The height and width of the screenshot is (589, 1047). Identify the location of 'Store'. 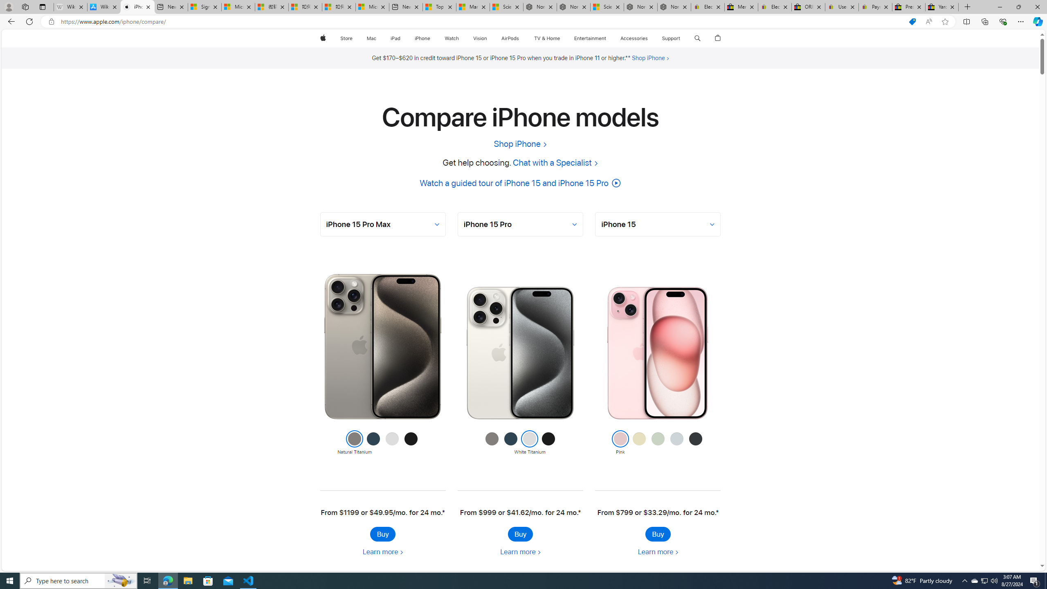
(346, 38).